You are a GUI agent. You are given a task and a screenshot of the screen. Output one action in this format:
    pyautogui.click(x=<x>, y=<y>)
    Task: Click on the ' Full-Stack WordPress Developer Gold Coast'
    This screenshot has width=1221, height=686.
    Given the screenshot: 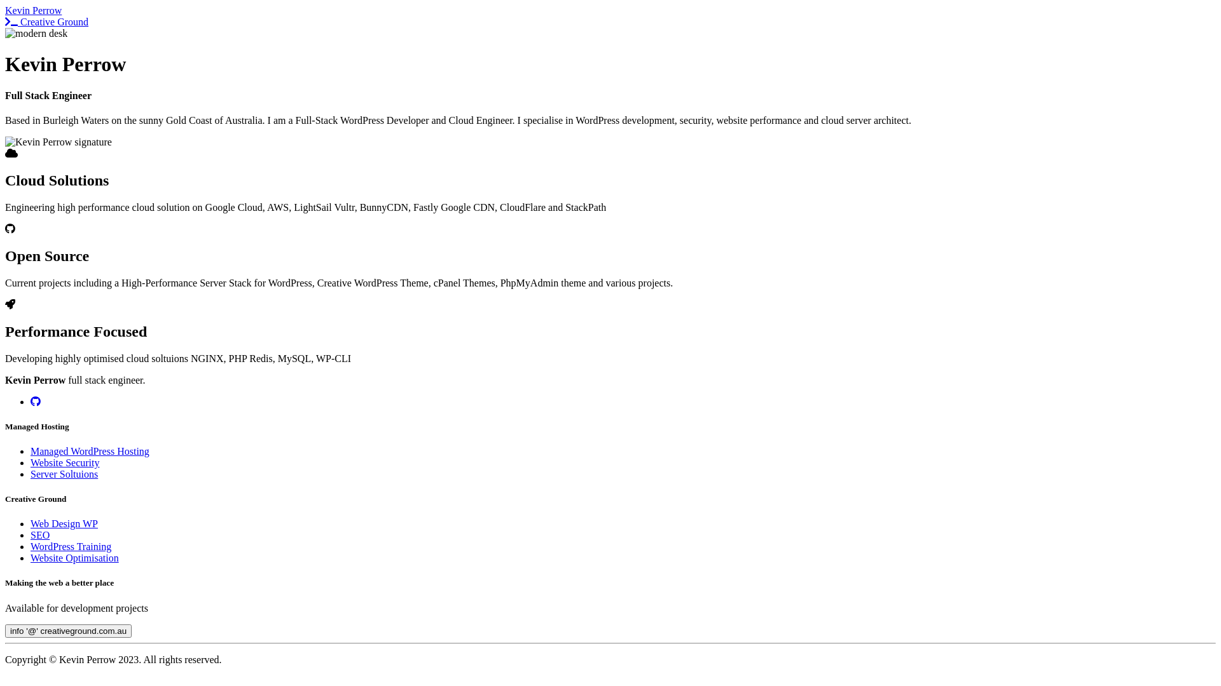 What is the action you would take?
    pyautogui.click(x=36, y=33)
    